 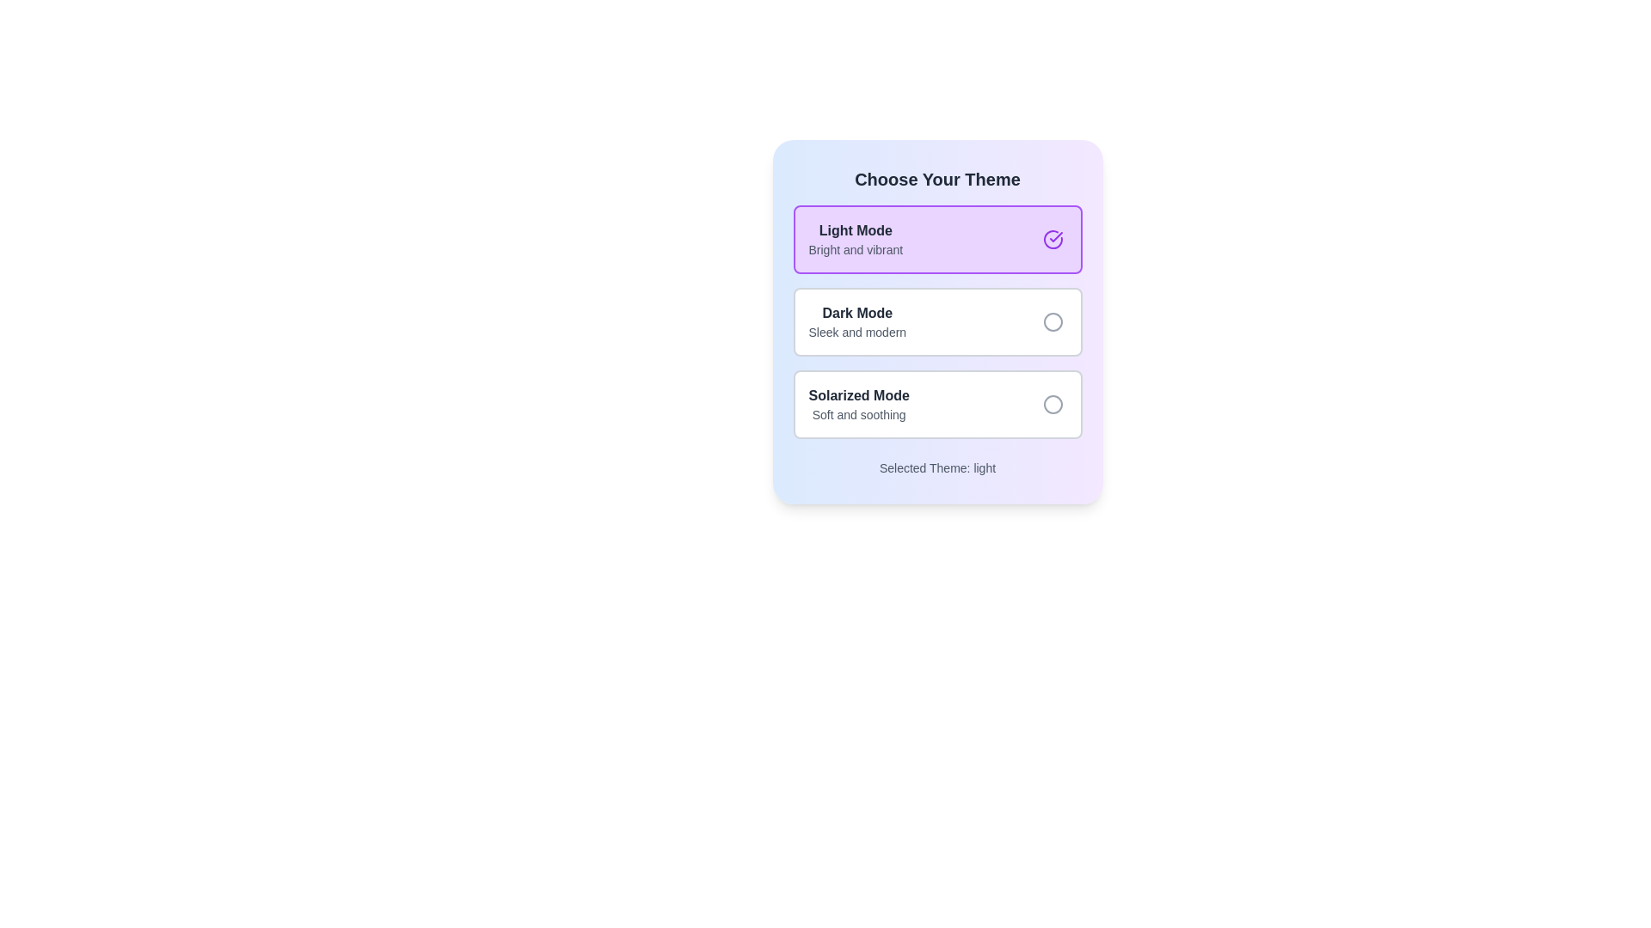 What do you see at coordinates (859, 414) in the screenshot?
I see `the text label displaying 'Soft and soothing', which is located below the 'Solarized Mode' text in the theme selection dialog` at bounding box center [859, 414].